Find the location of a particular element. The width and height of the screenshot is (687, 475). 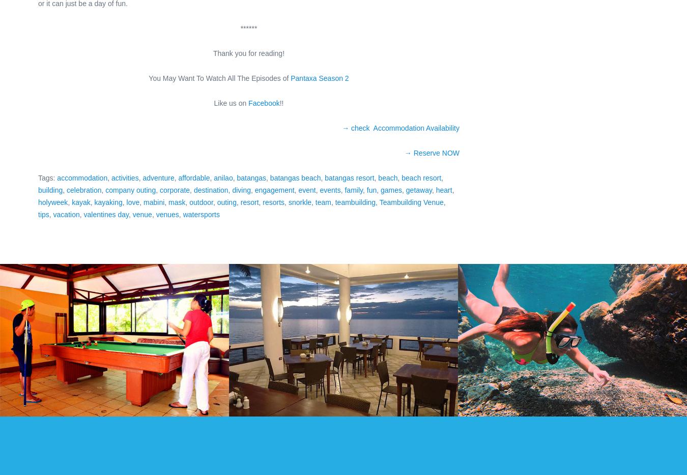

'adventure' is located at coordinates (158, 177).